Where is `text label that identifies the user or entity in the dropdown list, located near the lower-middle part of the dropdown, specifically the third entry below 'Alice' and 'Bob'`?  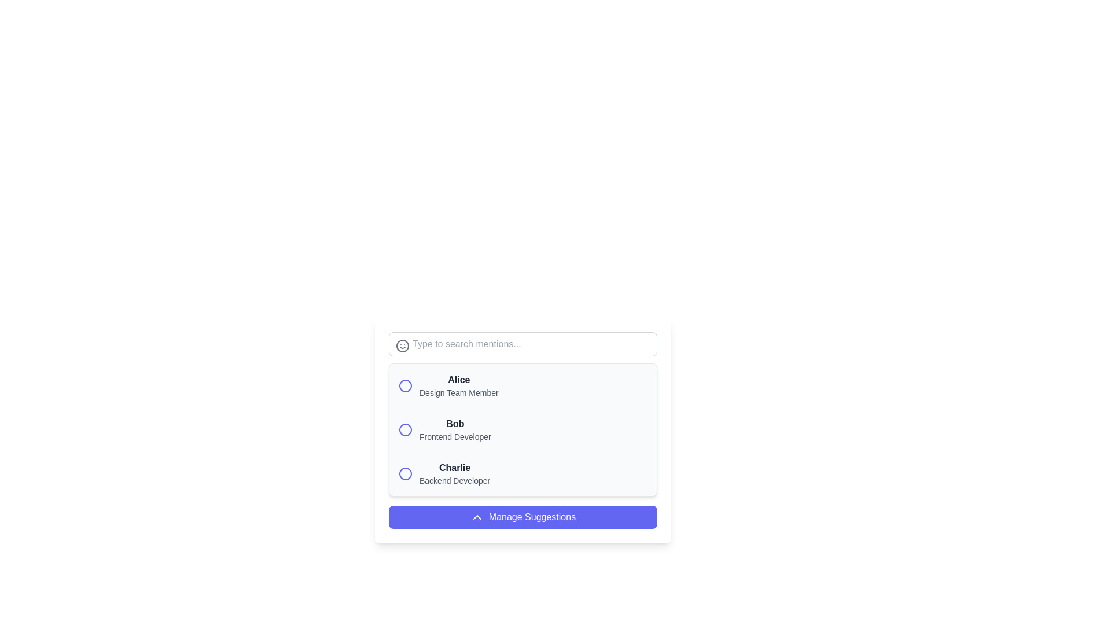 text label that identifies the user or entity in the dropdown list, located near the lower-middle part of the dropdown, specifically the third entry below 'Alice' and 'Bob' is located at coordinates (454, 468).